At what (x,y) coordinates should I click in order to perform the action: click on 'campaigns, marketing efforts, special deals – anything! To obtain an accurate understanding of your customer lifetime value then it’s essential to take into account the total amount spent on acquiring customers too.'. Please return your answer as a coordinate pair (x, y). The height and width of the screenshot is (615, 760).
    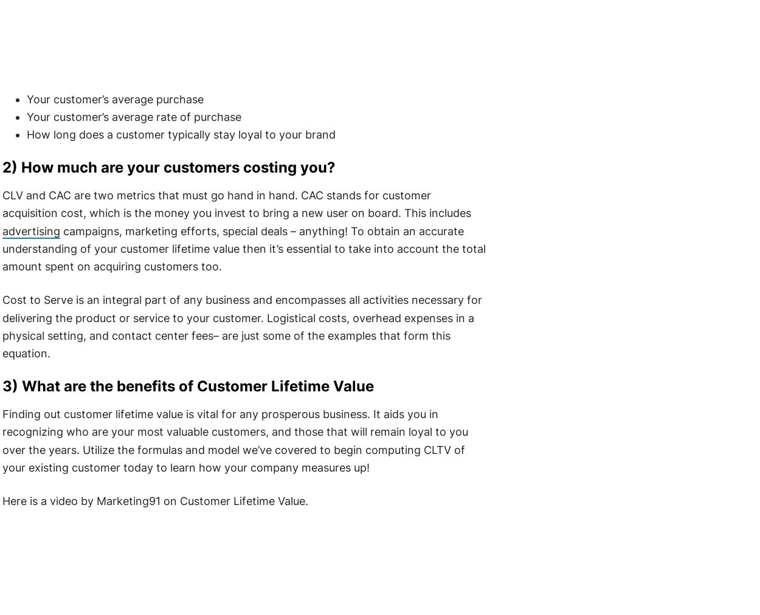
    Looking at the image, I should click on (243, 249).